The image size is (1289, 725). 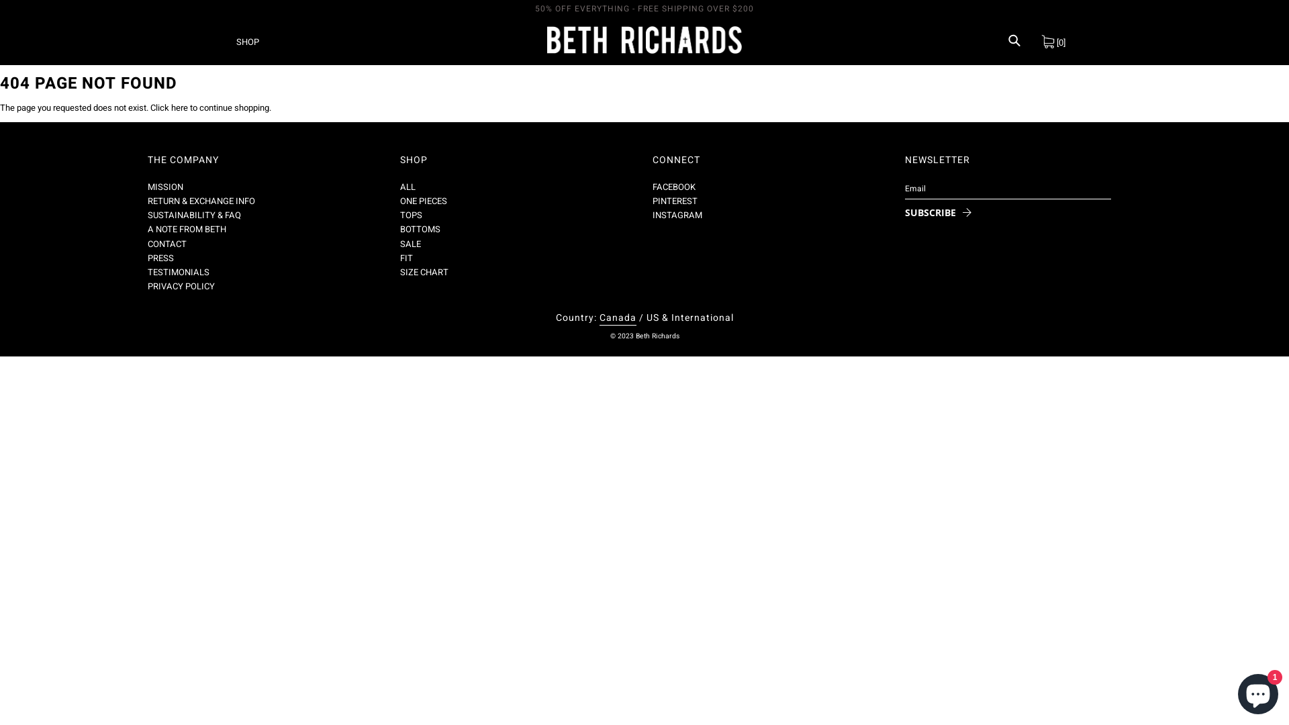 I want to click on 'BOTTOMS', so click(x=399, y=228).